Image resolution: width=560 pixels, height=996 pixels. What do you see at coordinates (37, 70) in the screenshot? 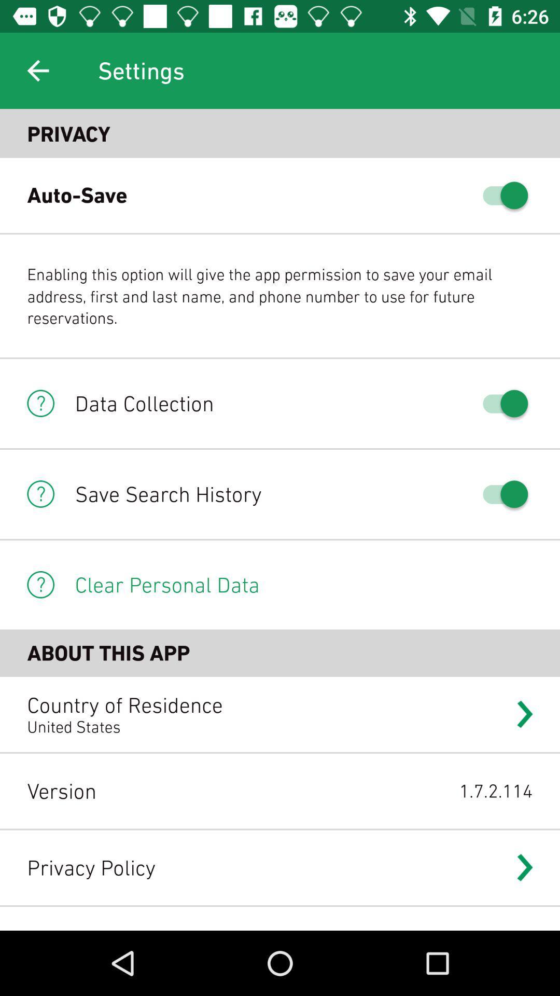
I see `item next to settings icon` at bounding box center [37, 70].